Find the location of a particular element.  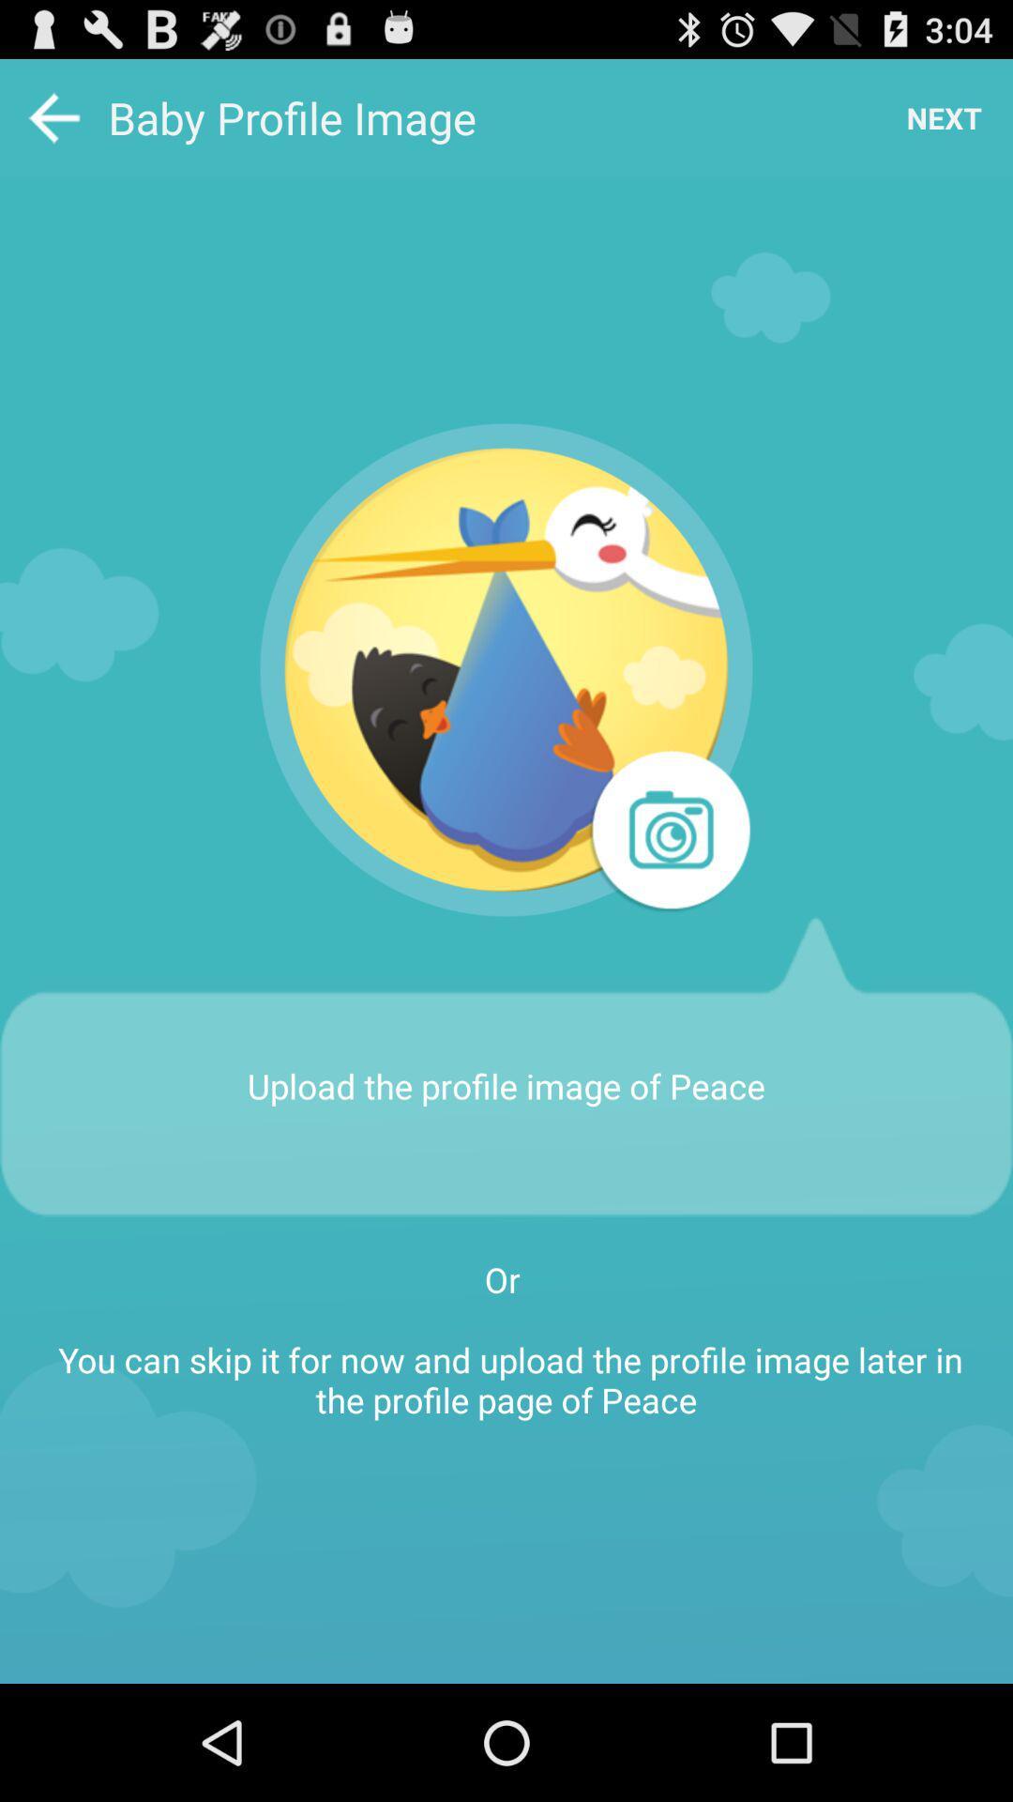

choose picture to upload is located at coordinates (506, 670).